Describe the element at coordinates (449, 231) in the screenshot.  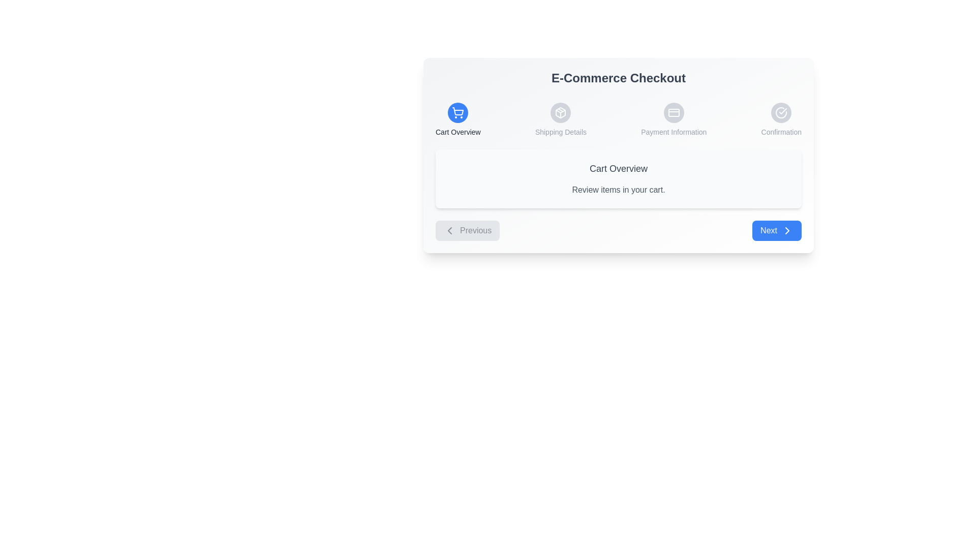
I see `the 'Previous' button icon located in the bottom-left corner of the modal dialog box, which visually indicates the direction to navigate left or back` at that location.